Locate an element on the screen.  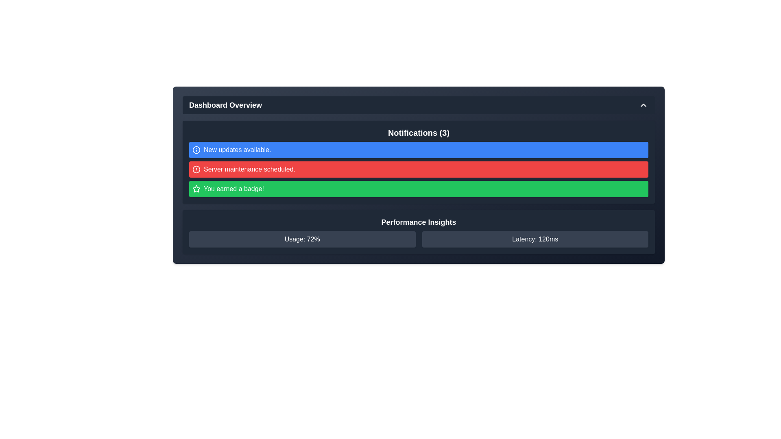
the toggle icon located in the top-right corner of the 'Dashboard Overview' header is located at coordinates (643, 104).